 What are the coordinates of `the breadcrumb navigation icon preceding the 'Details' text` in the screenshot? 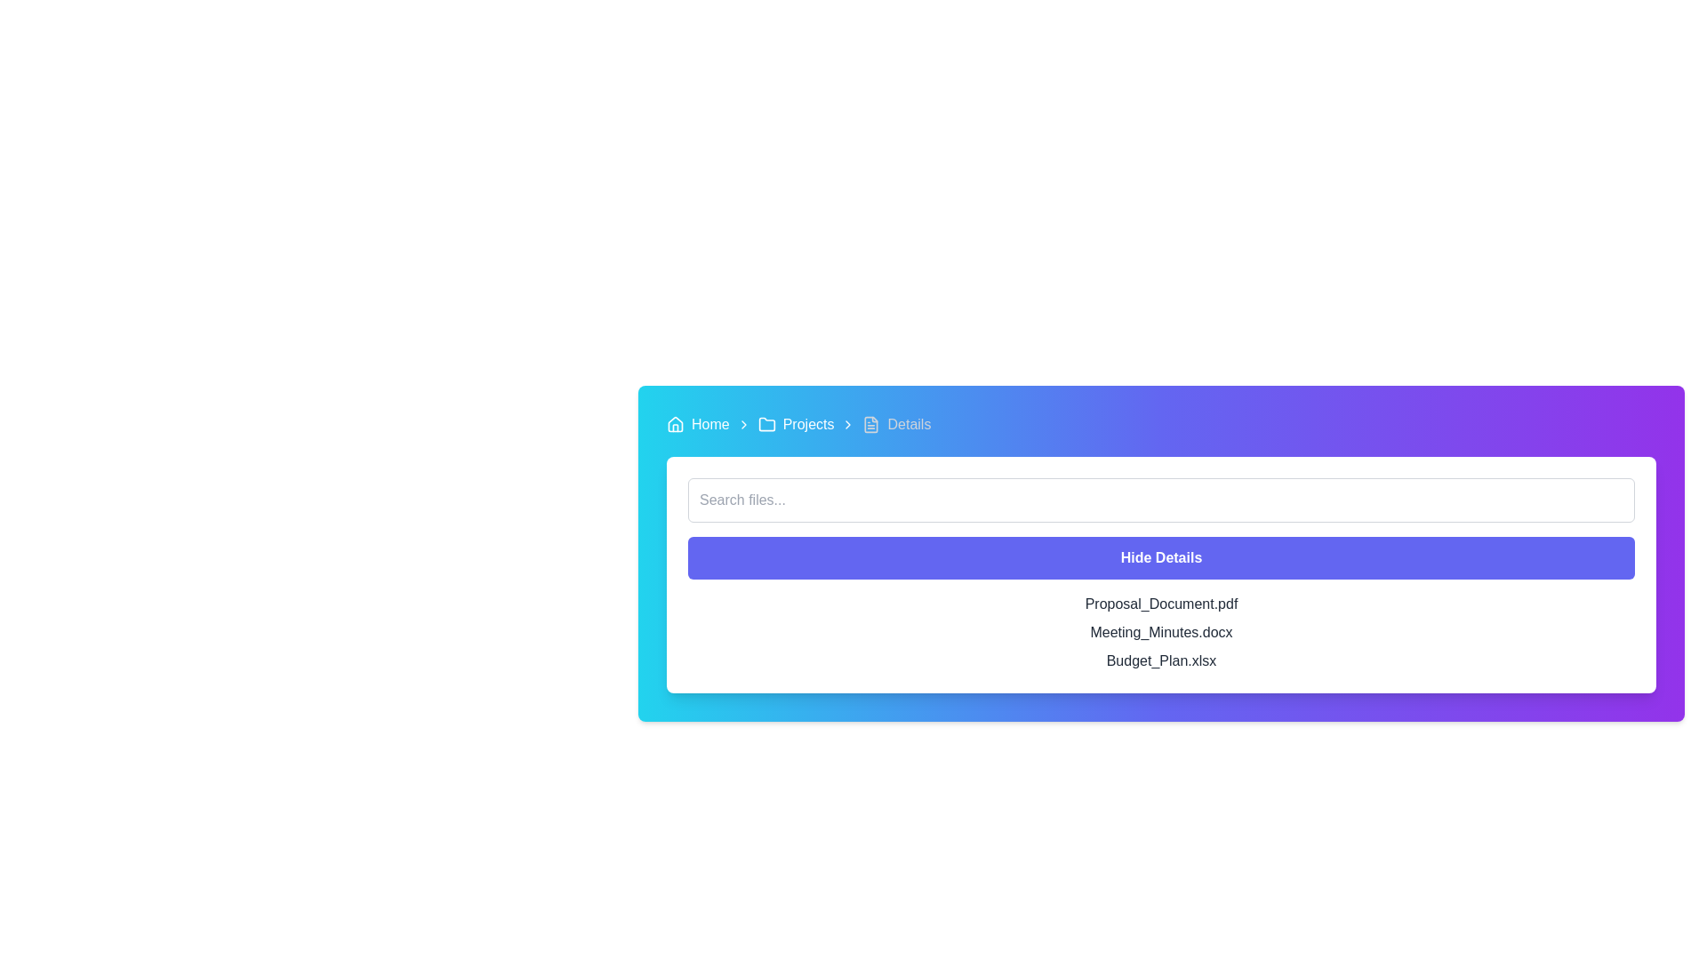 It's located at (871, 425).